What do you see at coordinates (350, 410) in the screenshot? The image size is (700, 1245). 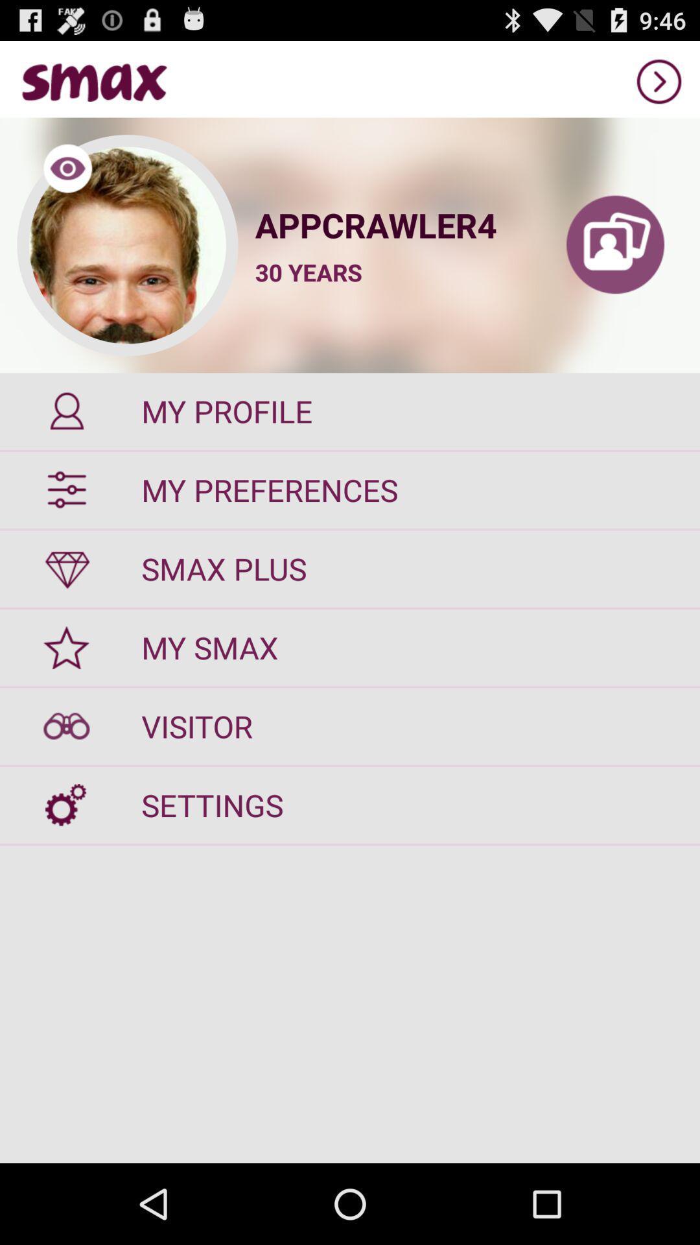 I see `the my profile icon` at bounding box center [350, 410].